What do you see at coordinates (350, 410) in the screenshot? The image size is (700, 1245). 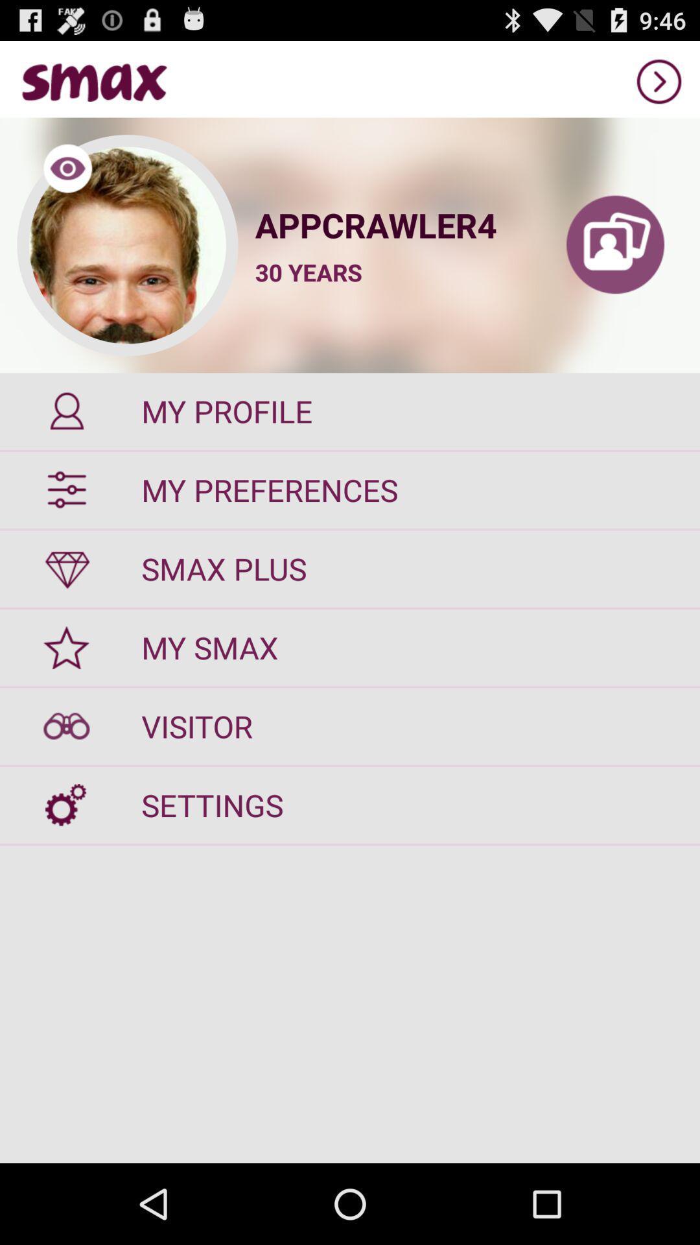 I see `the my profile icon` at bounding box center [350, 410].